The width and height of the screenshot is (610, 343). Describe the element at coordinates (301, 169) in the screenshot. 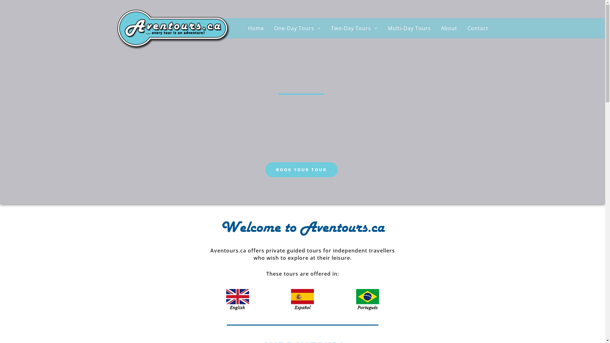

I see `'BOOK YOUR TOUR'` at that location.